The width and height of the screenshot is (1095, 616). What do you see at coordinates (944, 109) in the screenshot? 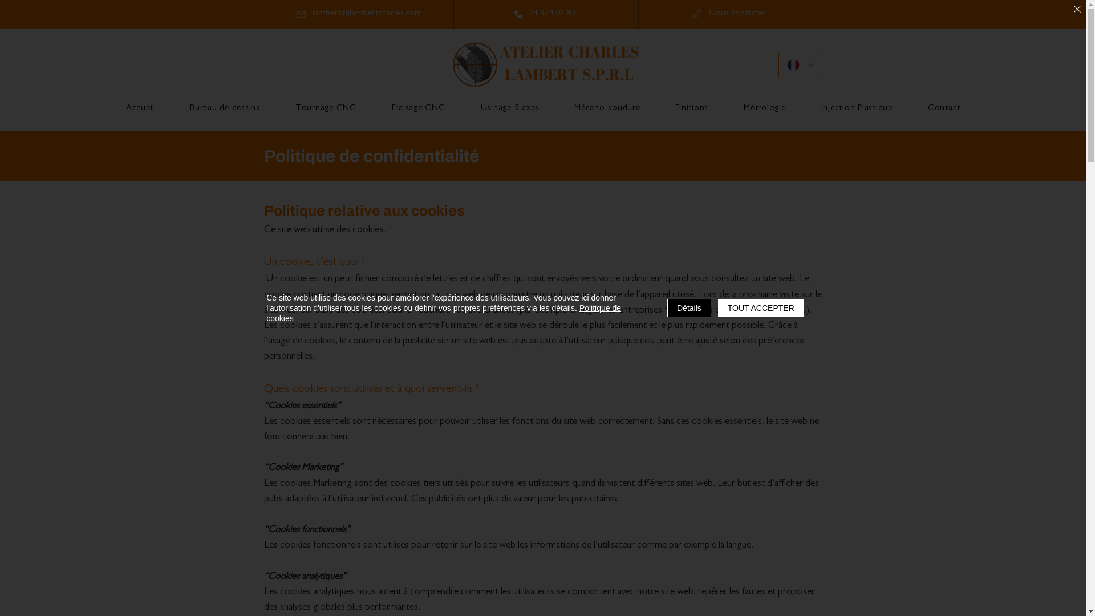
I see `'Contact'` at bounding box center [944, 109].